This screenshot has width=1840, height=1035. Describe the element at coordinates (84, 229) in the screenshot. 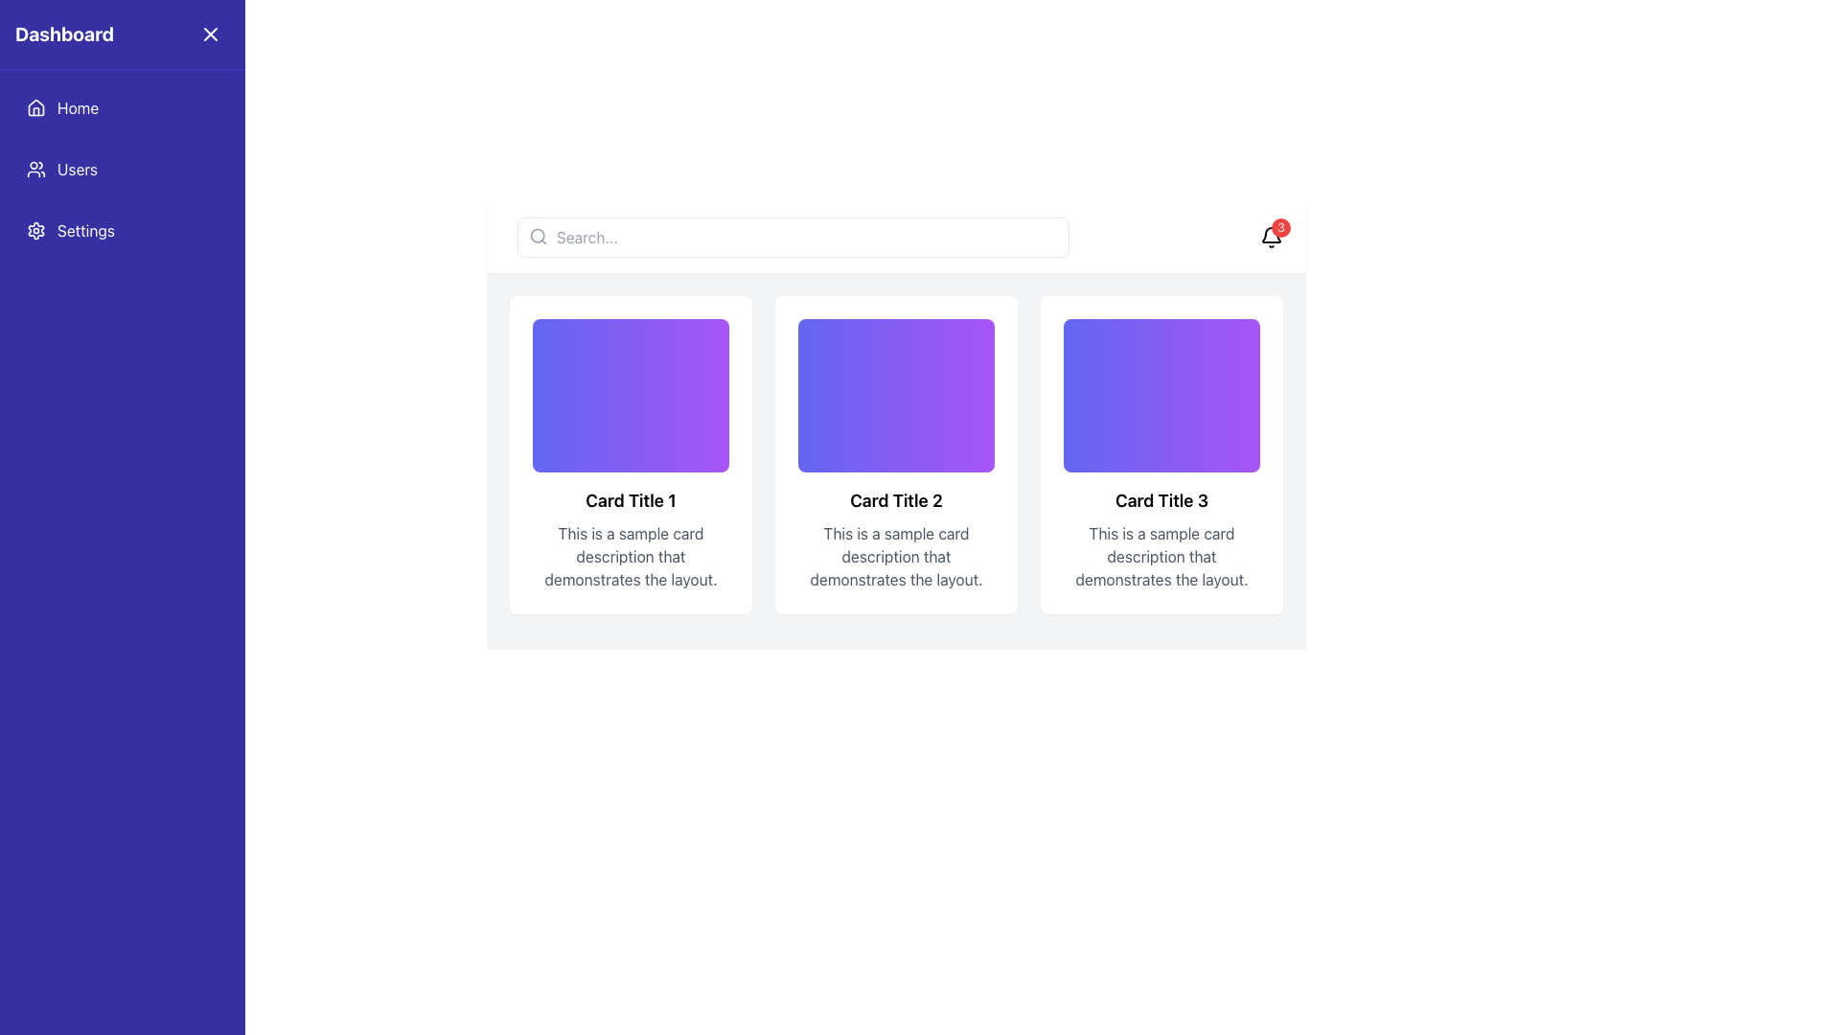

I see `'Settings' navigation label located in the left navigation bar, third below 'Home' and 'Users', with its icon aligned to the left` at that location.